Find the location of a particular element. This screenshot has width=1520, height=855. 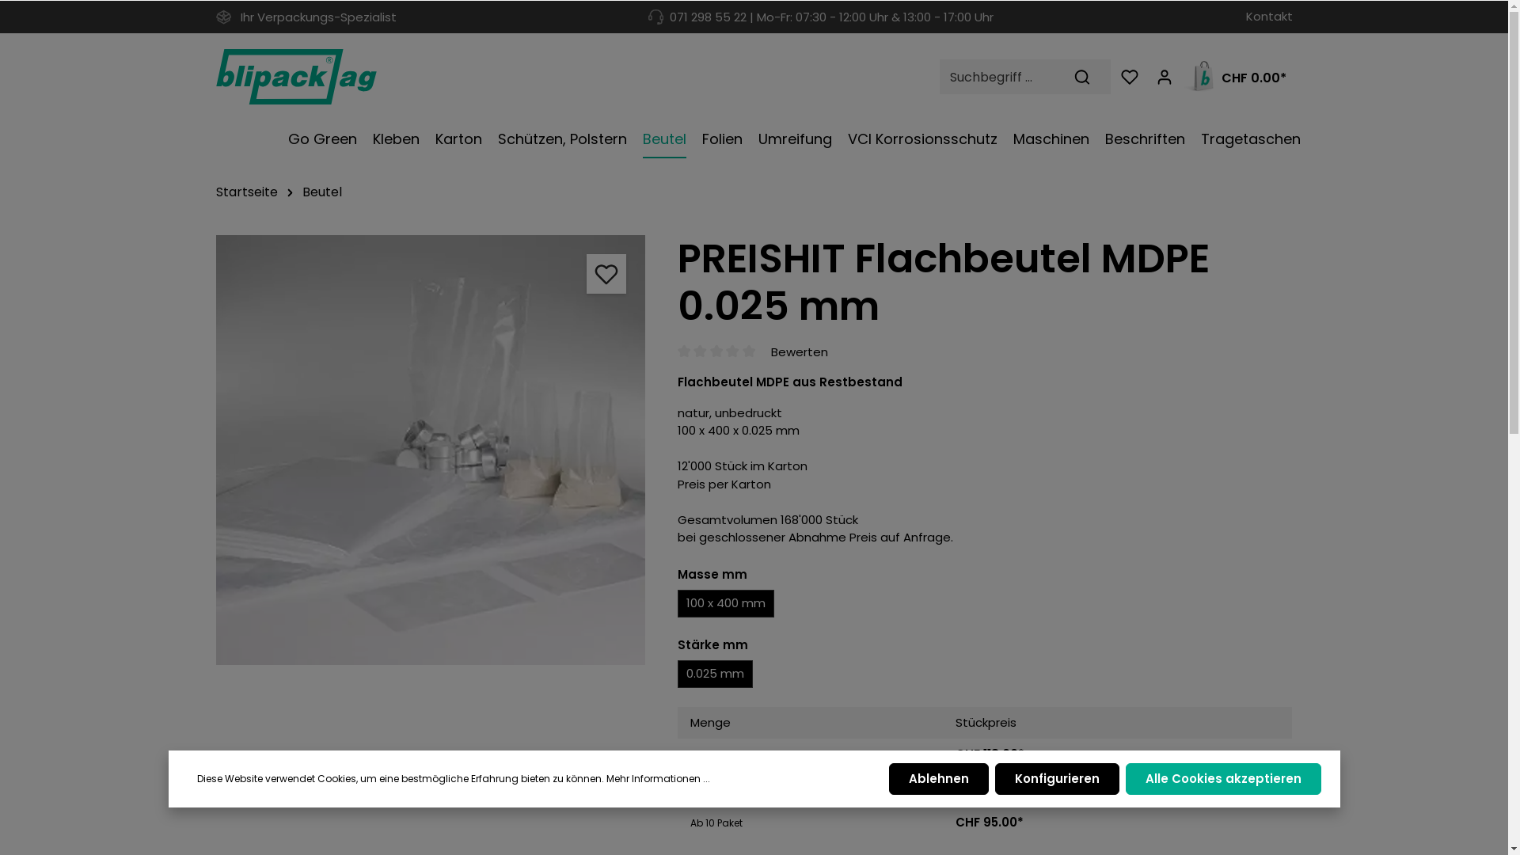

'Konfigurieren' is located at coordinates (1056, 777).